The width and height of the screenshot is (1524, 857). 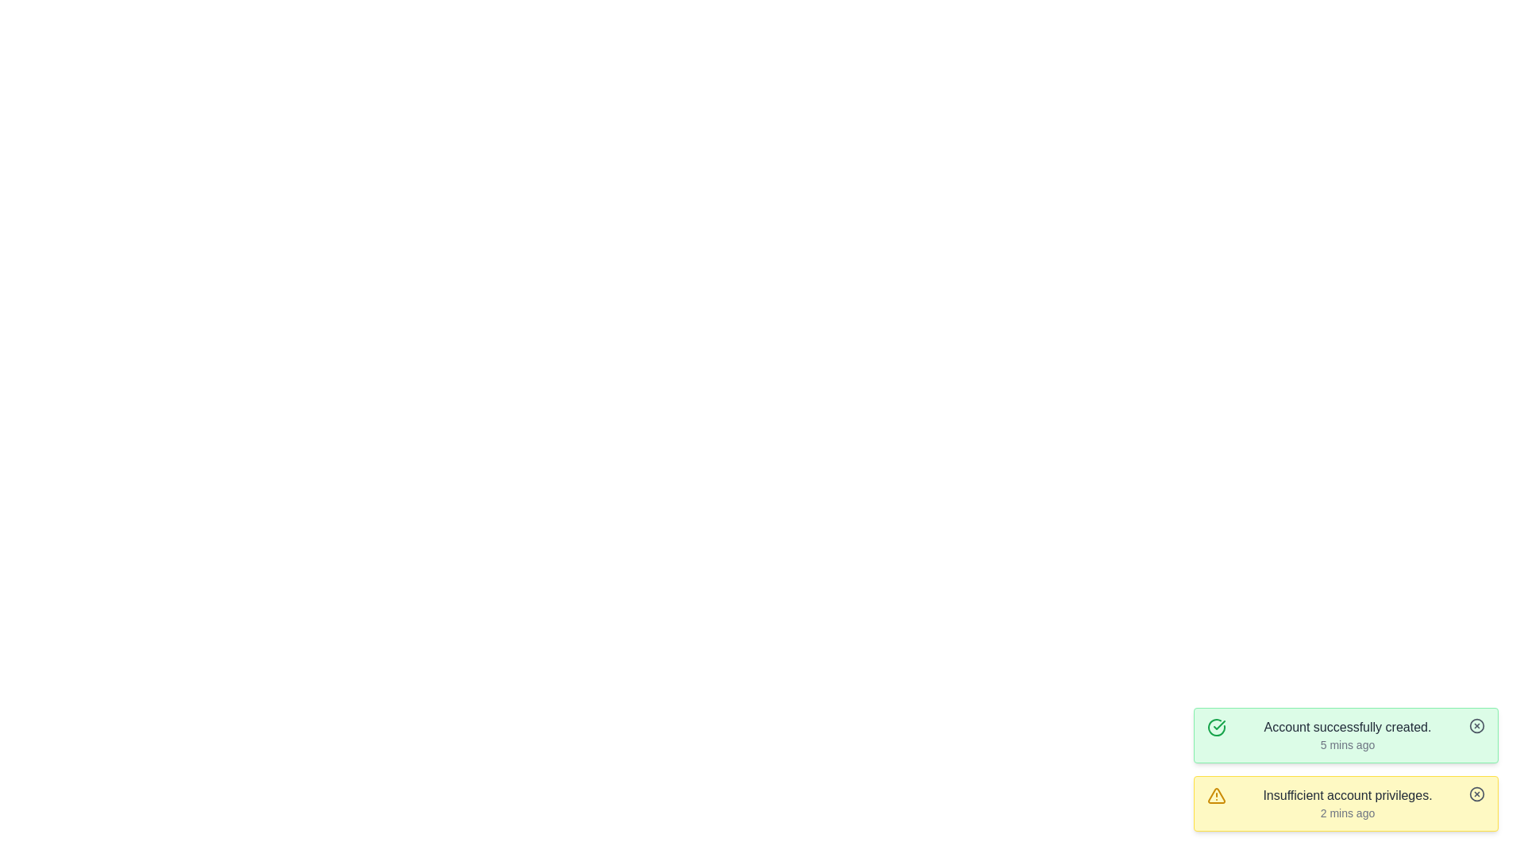 What do you see at coordinates (1347, 735) in the screenshot?
I see `the notification element displaying the message 'Account successfully created.' with a timestamp '5 mins ago' on a light green background` at bounding box center [1347, 735].